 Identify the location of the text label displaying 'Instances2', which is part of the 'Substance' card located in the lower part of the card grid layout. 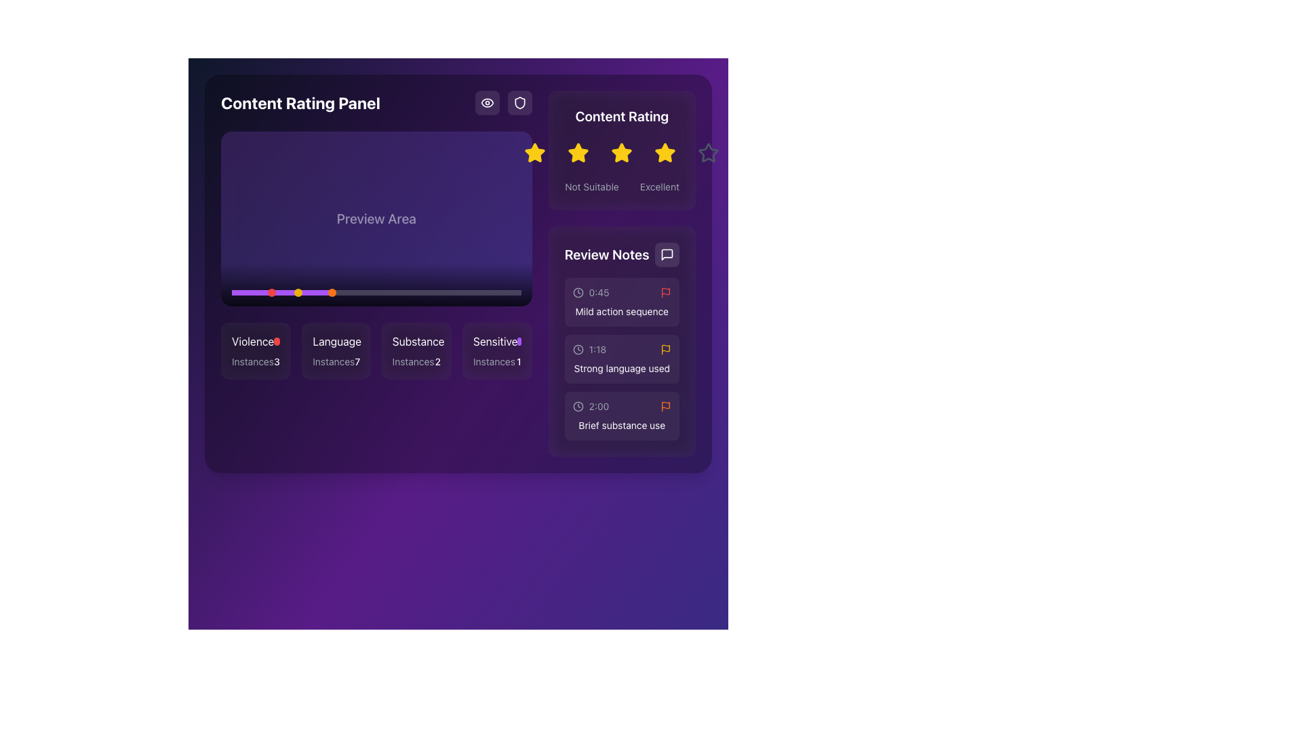
(416, 361).